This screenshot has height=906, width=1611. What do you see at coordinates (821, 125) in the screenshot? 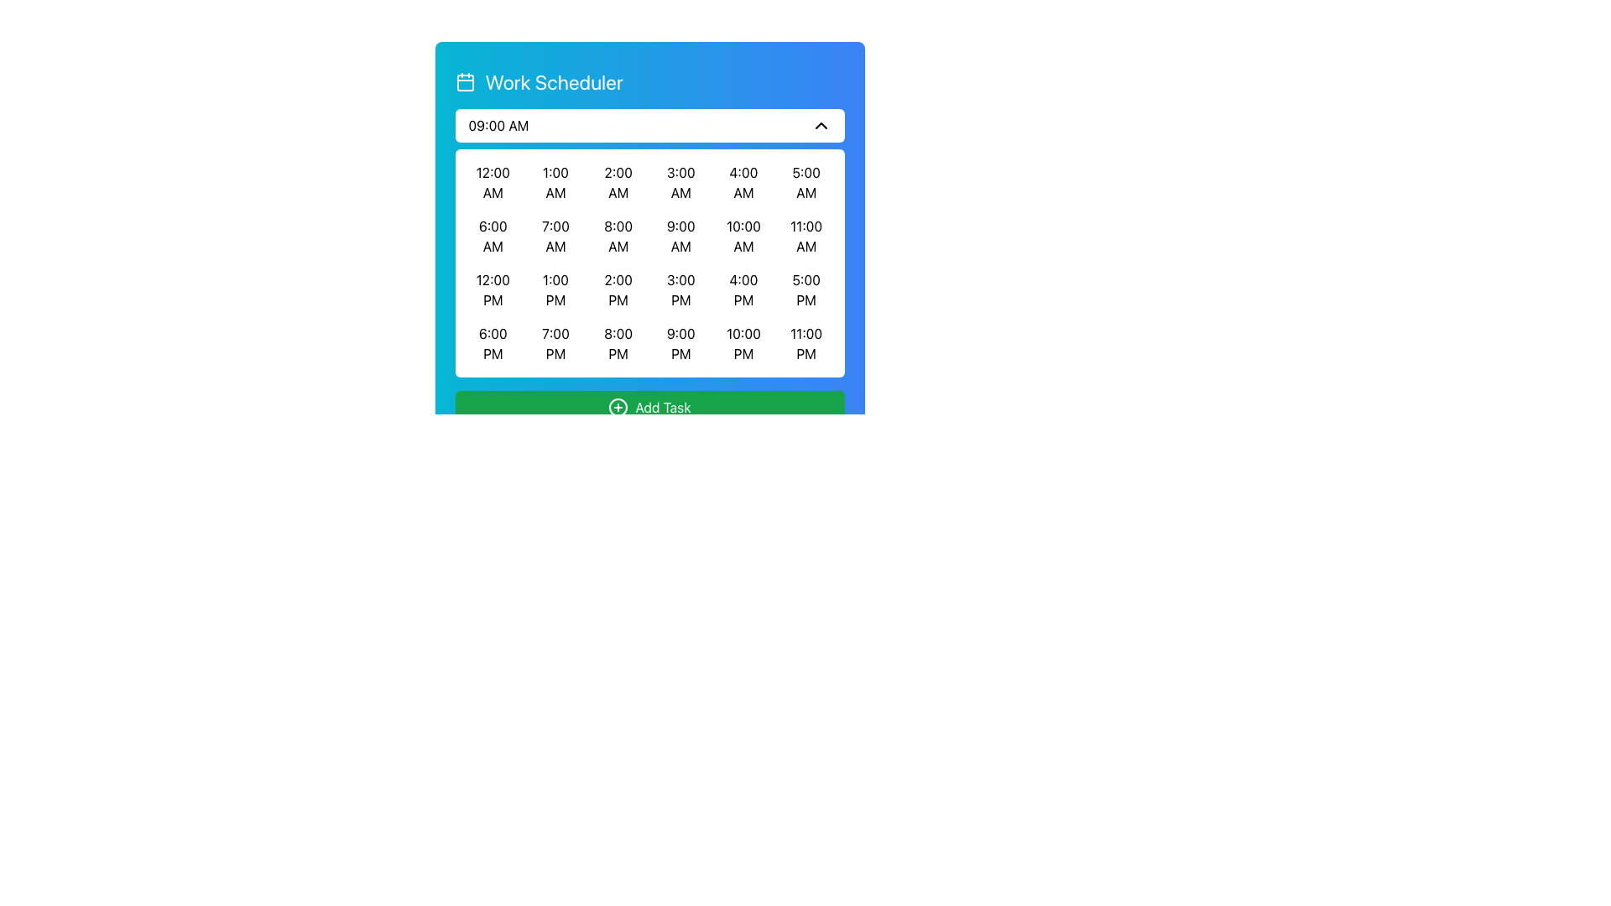
I see `the up-chevron icon` at bounding box center [821, 125].